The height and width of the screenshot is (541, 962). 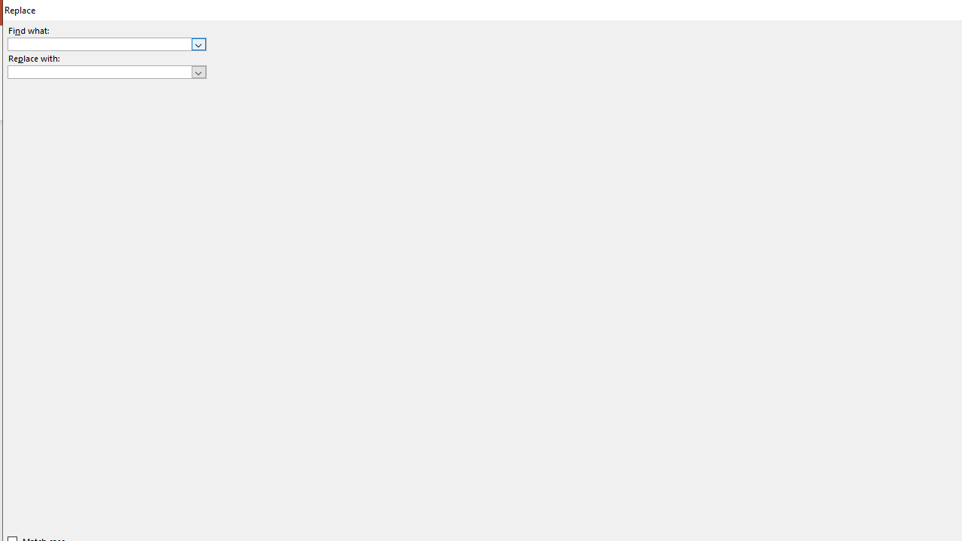 What do you see at coordinates (99, 71) in the screenshot?
I see `'Replace with'` at bounding box center [99, 71].